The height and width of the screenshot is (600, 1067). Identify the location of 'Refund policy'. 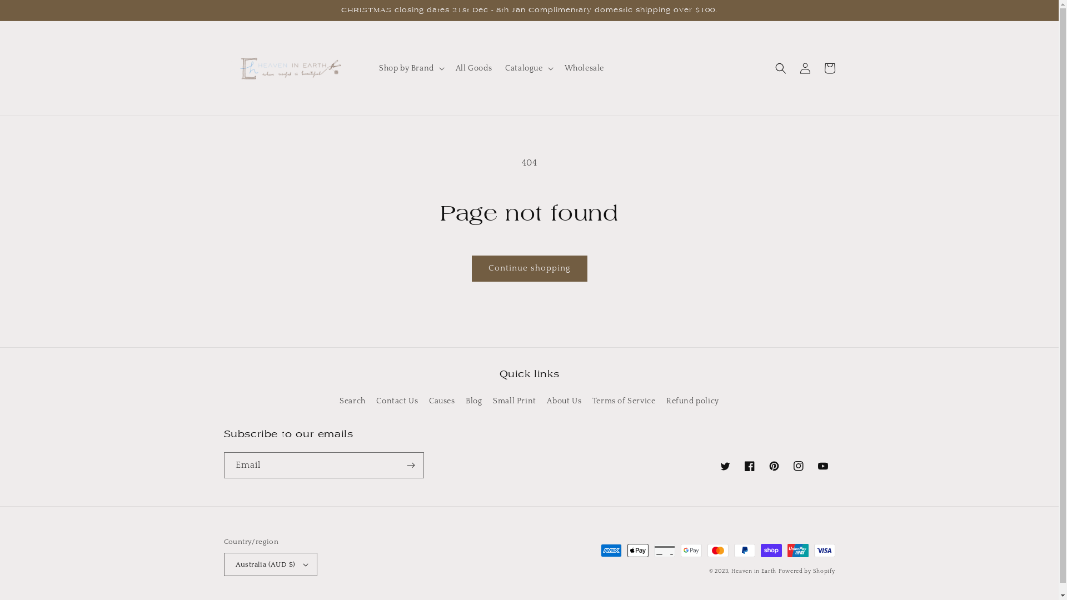
(692, 401).